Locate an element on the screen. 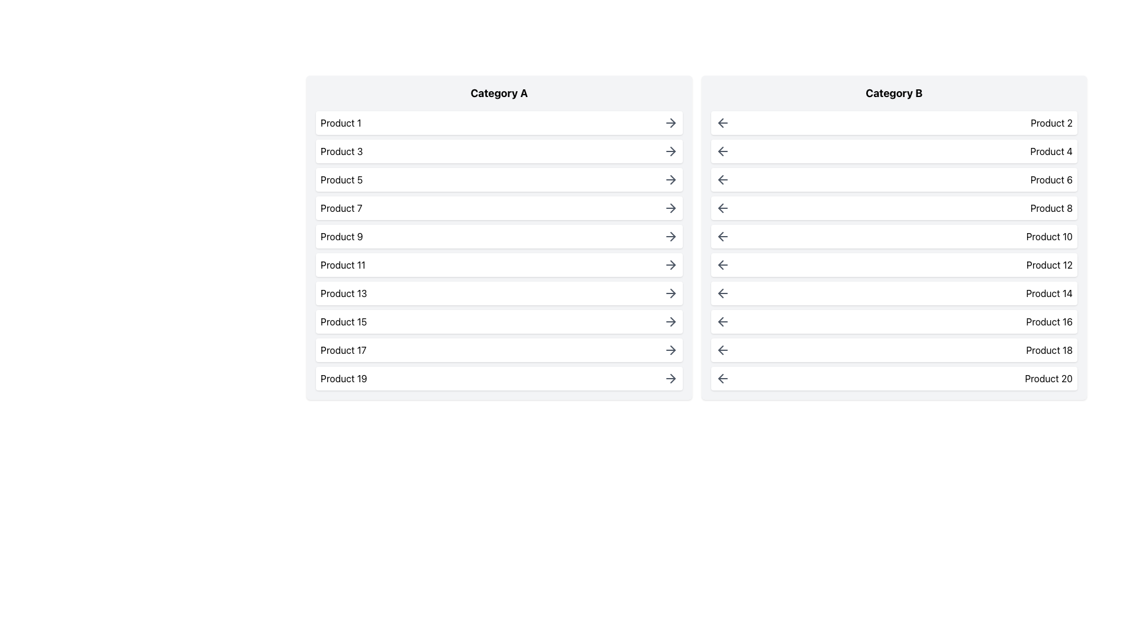 Image resolution: width=1136 pixels, height=639 pixels. the seventh list item in the 'Category A' column that allows navigation or interaction with 'Product 13' is located at coordinates (499, 293).